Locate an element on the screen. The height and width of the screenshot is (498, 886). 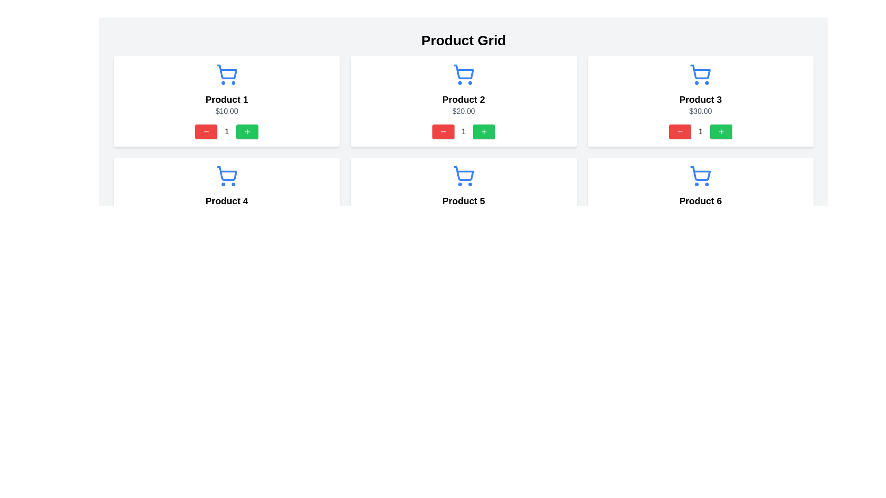
text label 'Product 6', which is a bold and large font text located centrally below the shopping cart icon and above the price information in the product card is located at coordinates (700, 200).